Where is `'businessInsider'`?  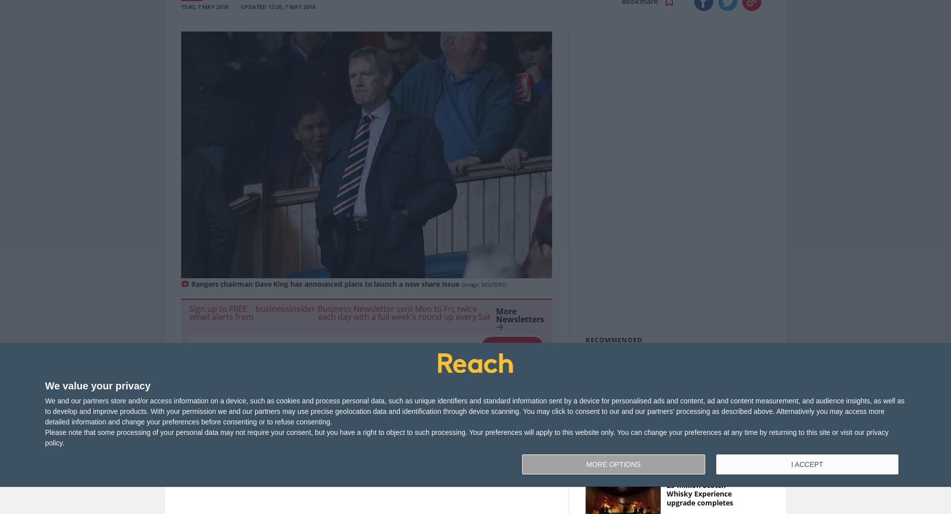 'businessInsider' is located at coordinates (285, 308).